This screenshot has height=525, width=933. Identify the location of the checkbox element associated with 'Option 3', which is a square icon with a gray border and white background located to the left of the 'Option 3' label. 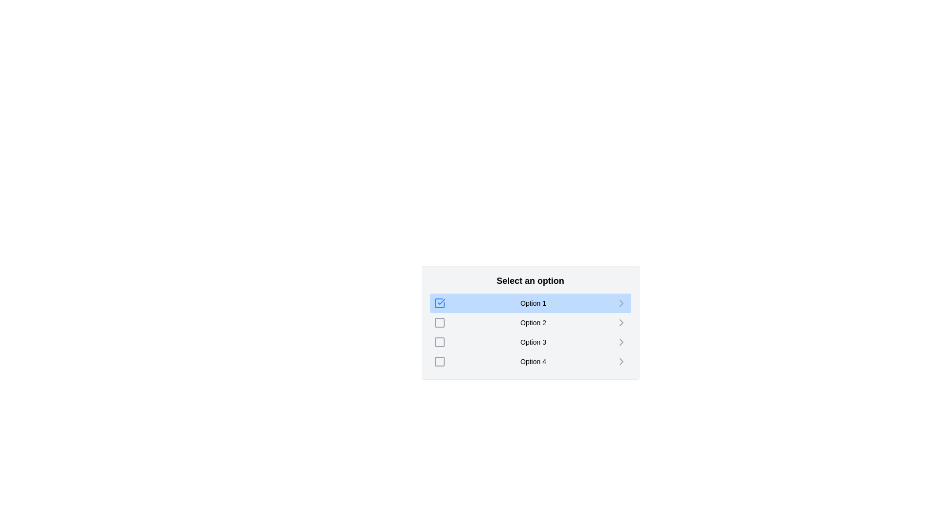
(439, 342).